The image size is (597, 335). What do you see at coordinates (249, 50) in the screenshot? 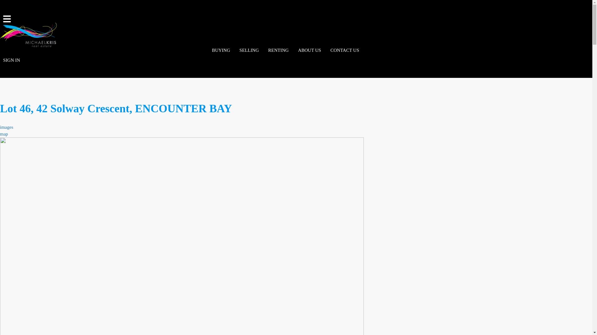
I see `'SELLING'` at bounding box center [249, 50].